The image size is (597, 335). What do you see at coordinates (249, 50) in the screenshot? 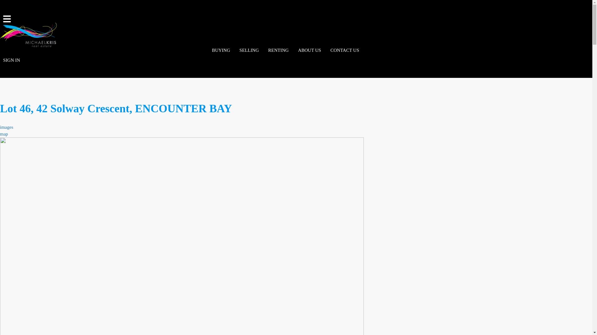
I see `'SELLING'` at bounding box center [249, 50].